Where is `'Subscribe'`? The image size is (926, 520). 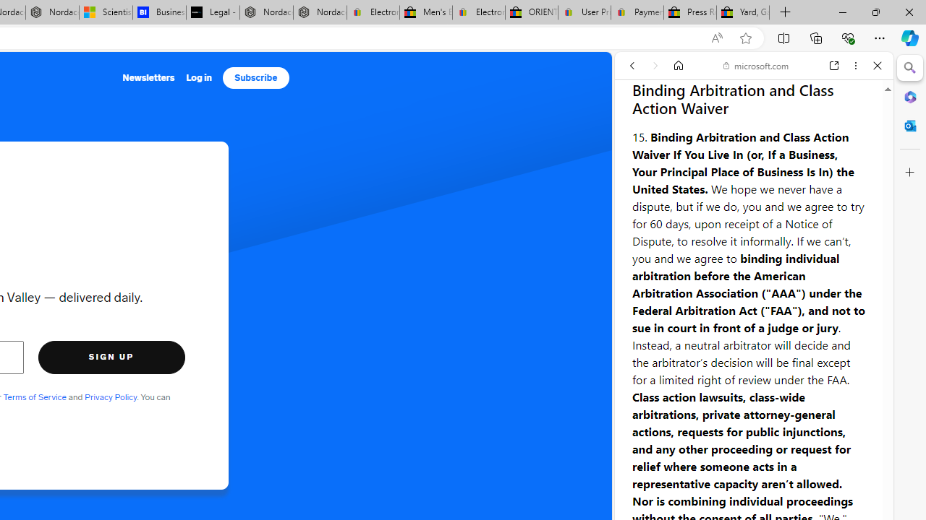
'Subscribe' is located at coordinates (255, 78).